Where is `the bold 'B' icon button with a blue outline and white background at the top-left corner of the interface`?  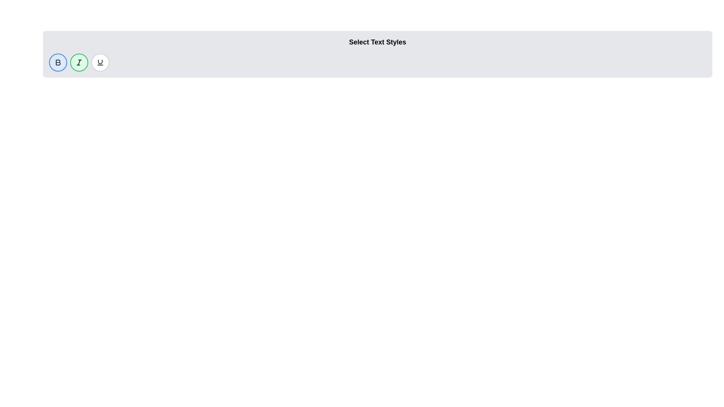
the bold 'B' icon button with a blue outline and white background at the top-left corner of the interface is located at coordinates (58, 62).